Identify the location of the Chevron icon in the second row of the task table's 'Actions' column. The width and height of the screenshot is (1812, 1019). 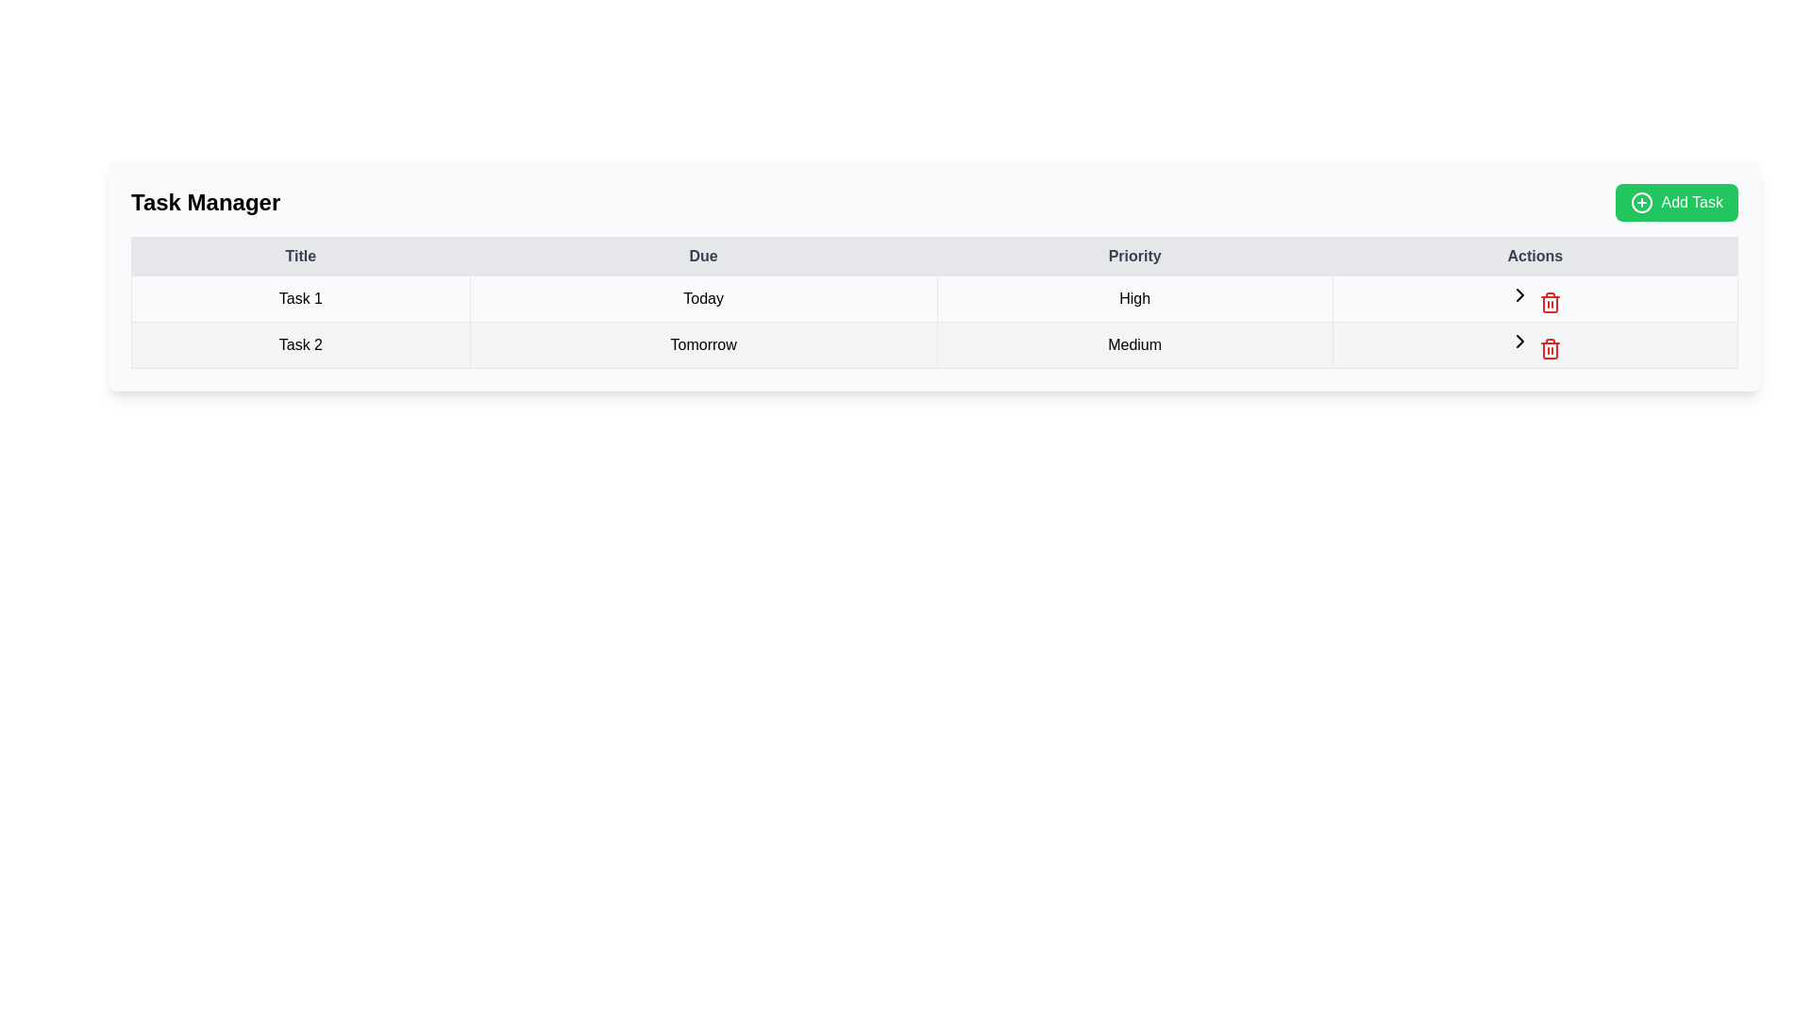
(1519, 341).